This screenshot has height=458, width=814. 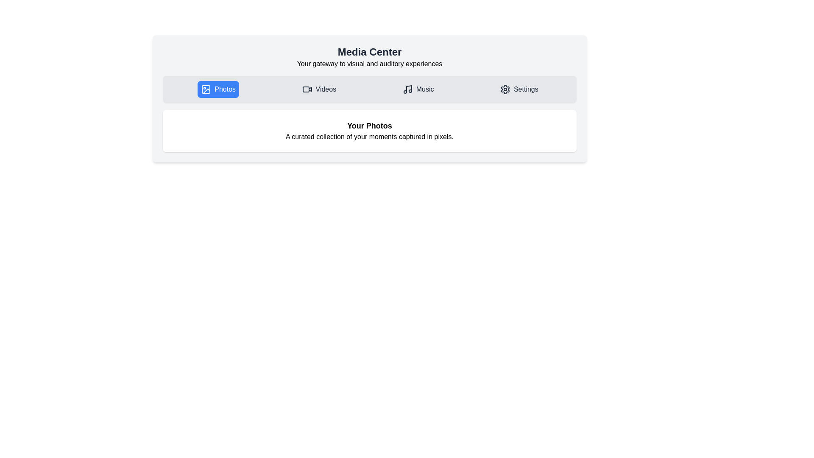 I want to click on the 'Music' icon in the navigation menu, so click(x=407, y=89).